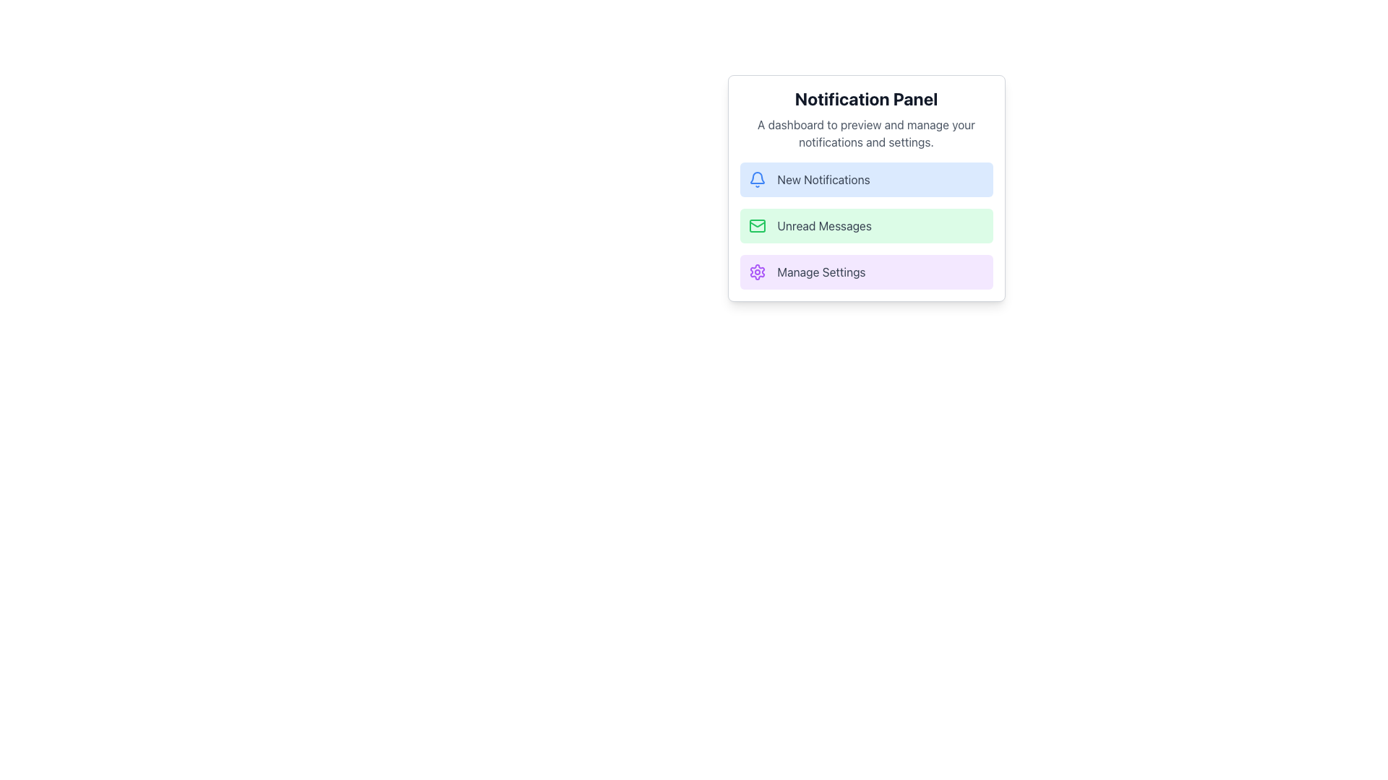 This screenshot has width=1388, height=780. What do you see at coordinates (821, 272) in the screenshot?
I see `the text label indicating settings management, located to the right of the gear icon in the notification panel` at bounding box center [821, 272].